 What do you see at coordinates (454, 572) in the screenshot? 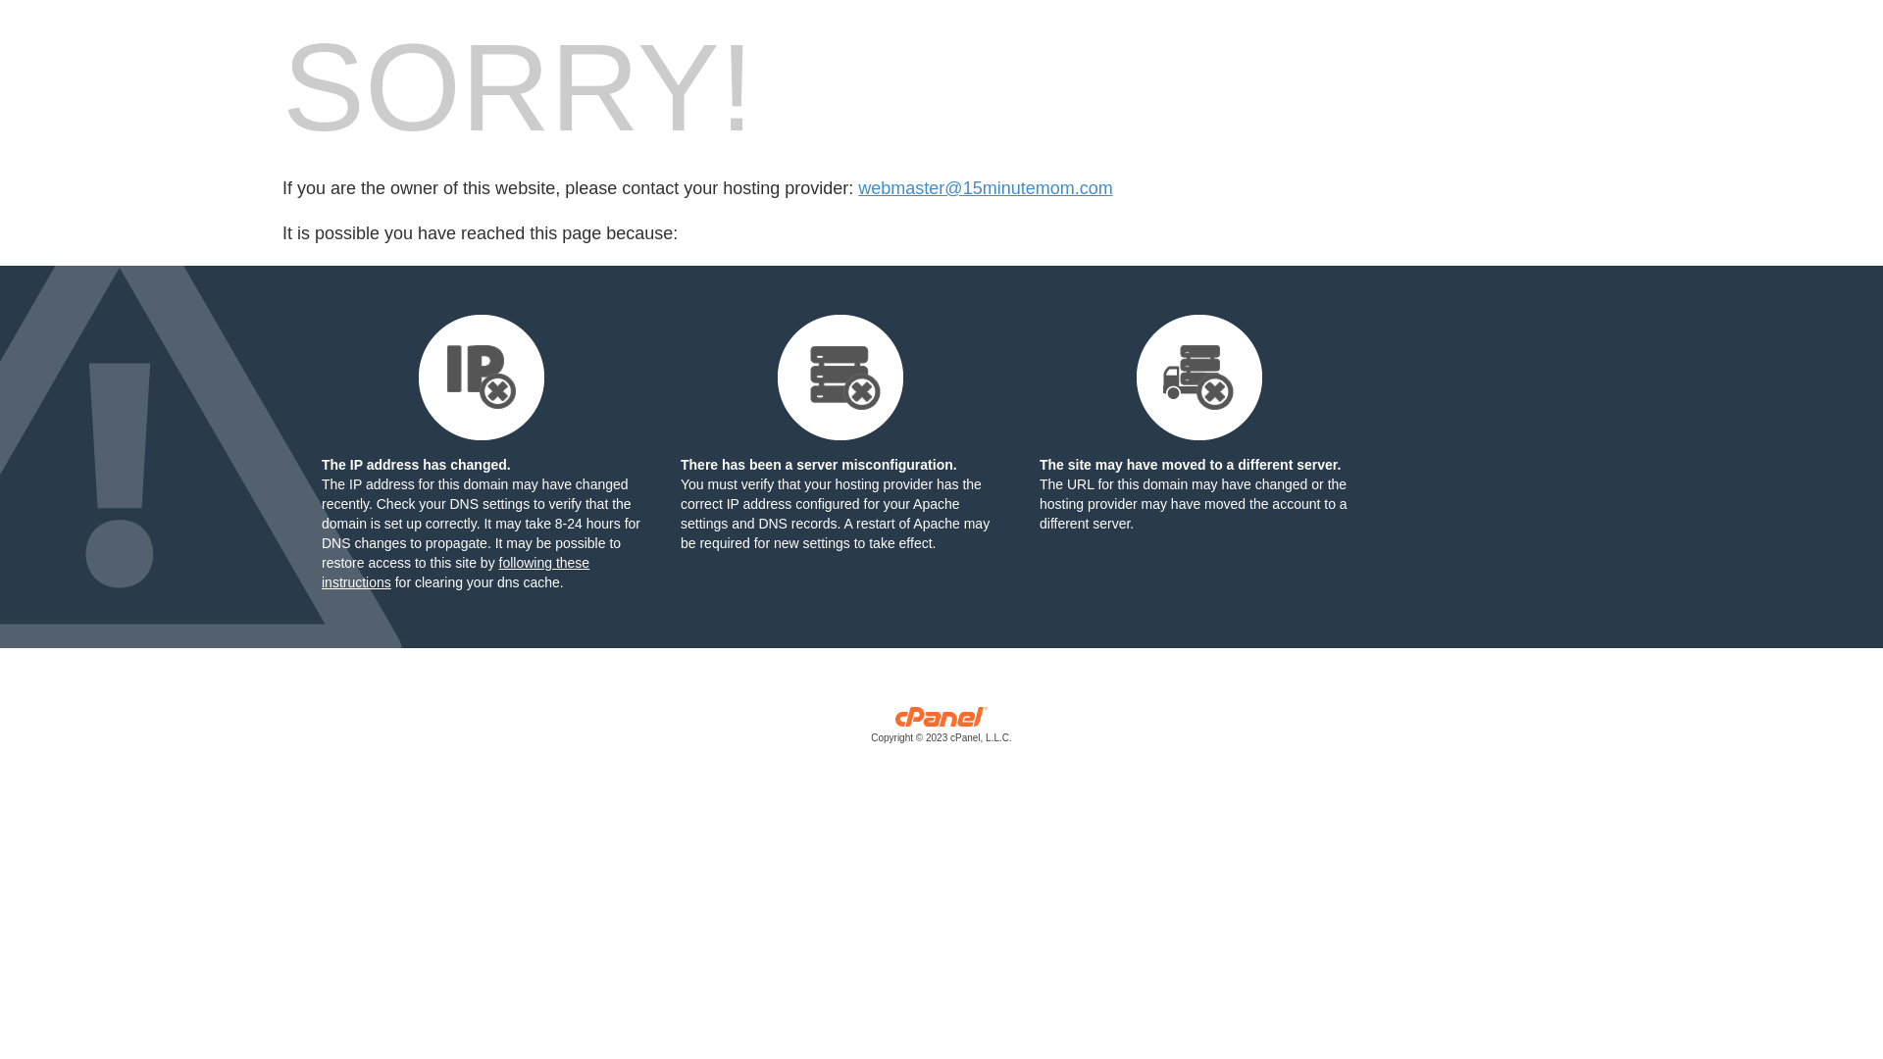
I see `'following these instructions'` at bounding box center [454, 572].